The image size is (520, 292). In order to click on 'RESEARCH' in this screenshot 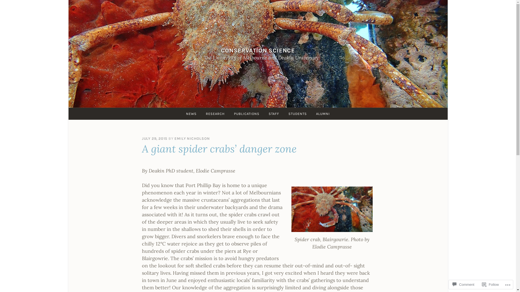, I will do `click(215, 113)`.